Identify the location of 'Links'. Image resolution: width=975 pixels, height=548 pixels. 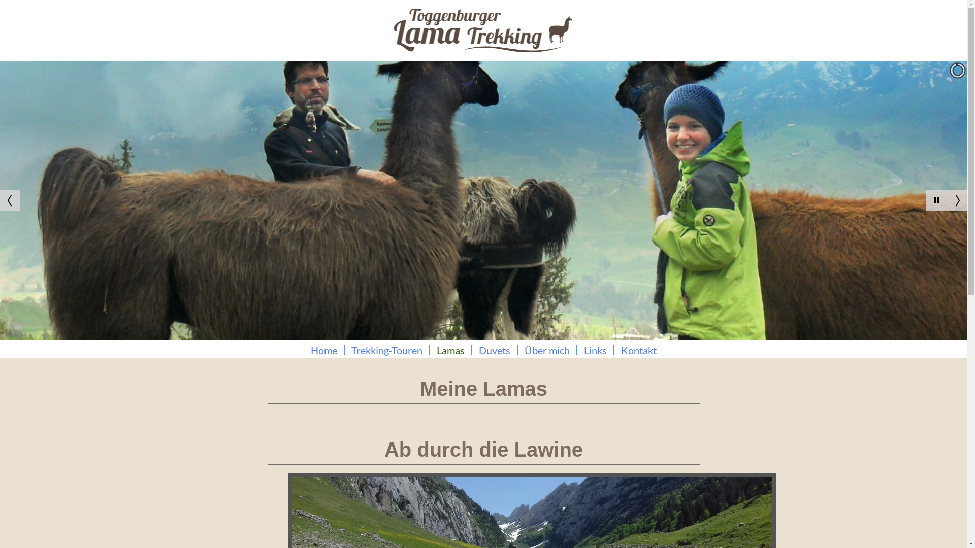
(595, 349).